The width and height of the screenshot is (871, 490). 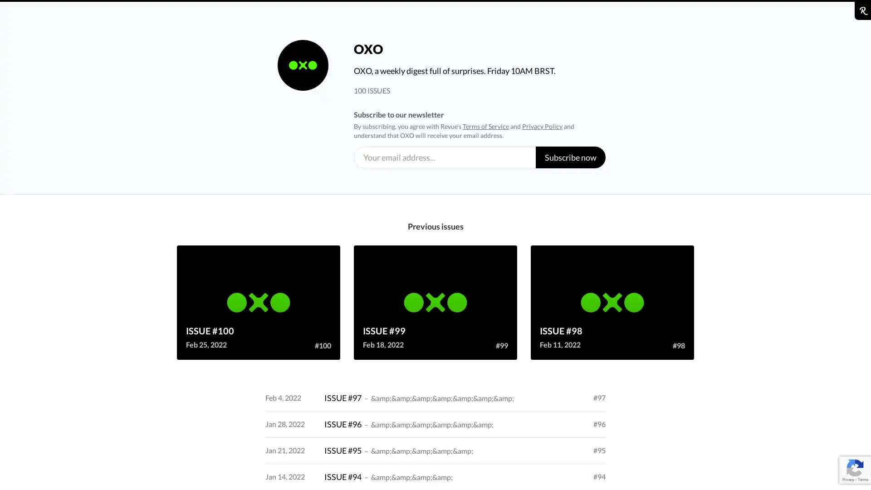 I want to click on Subscribe now, so click(x=570, y=157).